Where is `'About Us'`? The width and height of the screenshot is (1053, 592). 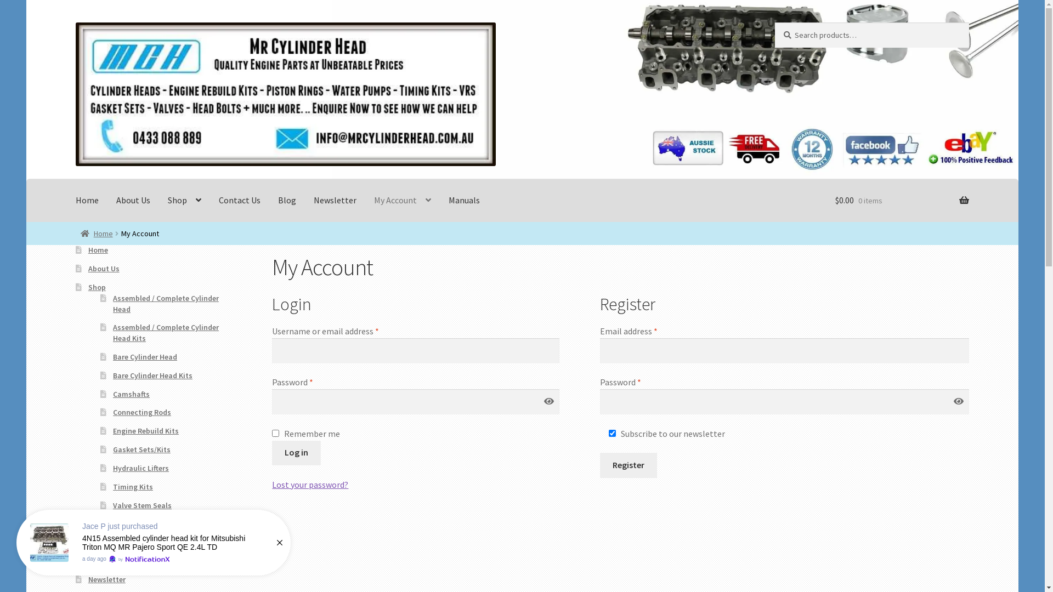
'About Us' is located at coordinates (104, 268).